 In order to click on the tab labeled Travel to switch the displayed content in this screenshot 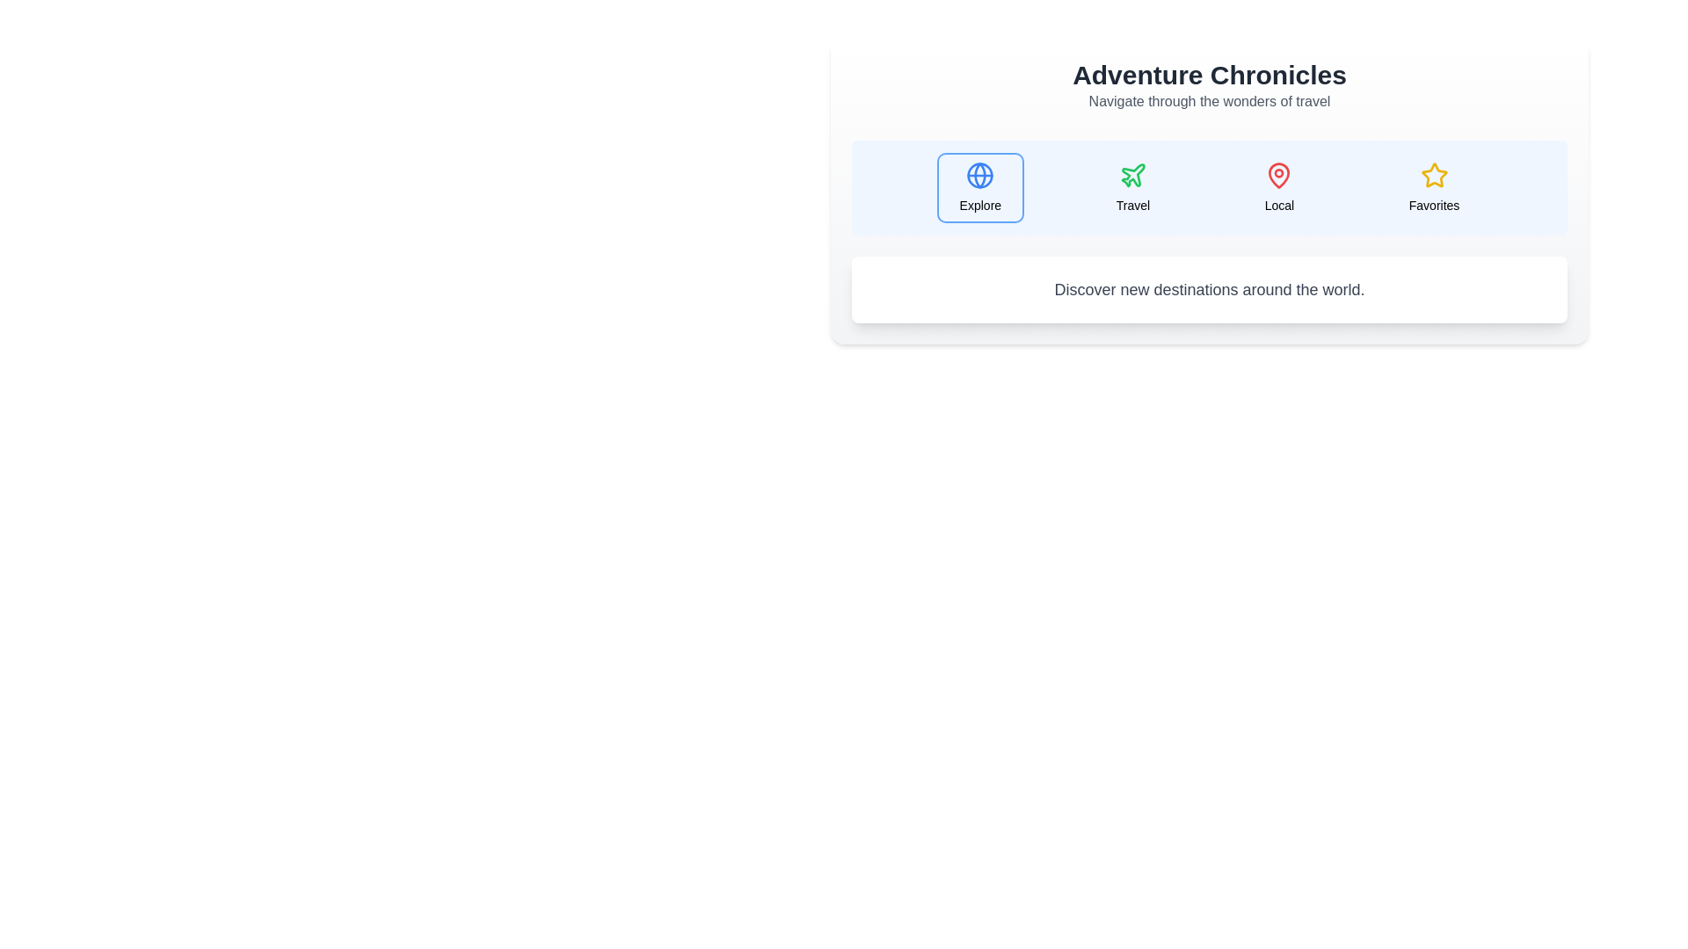, I will do `click(1131, 187)`.